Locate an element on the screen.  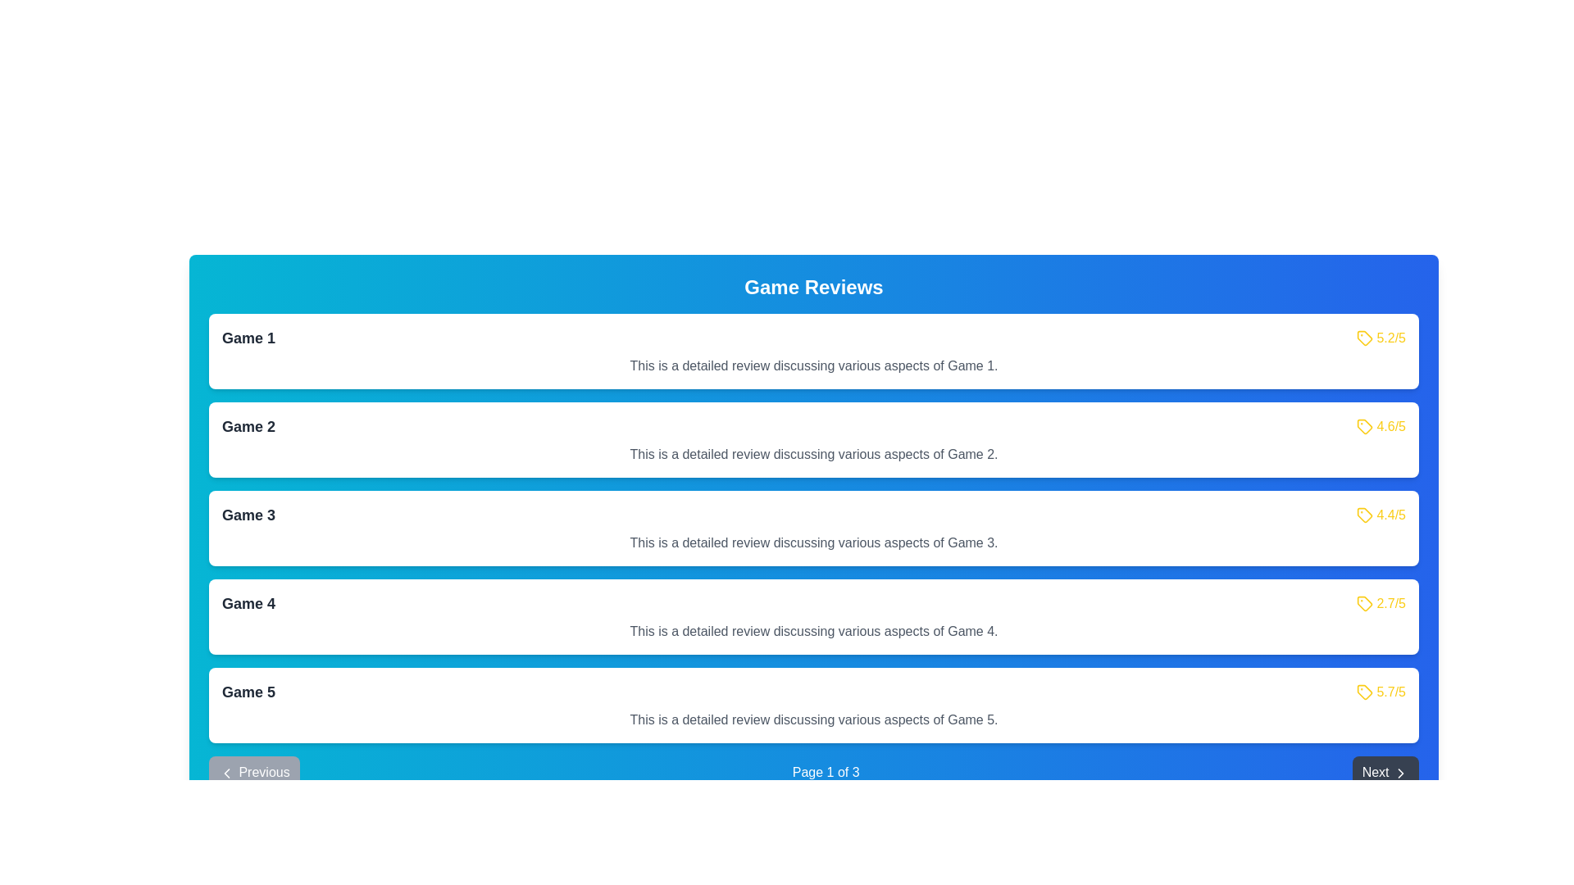
the leftward-pointing chevron icon in the pagination bar is located at coordinates (226, 772).